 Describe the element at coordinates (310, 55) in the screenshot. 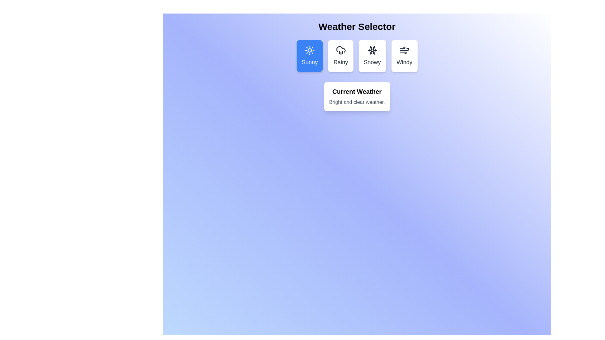

I see `the weather option Sunny to observe its hover effect` at that location.